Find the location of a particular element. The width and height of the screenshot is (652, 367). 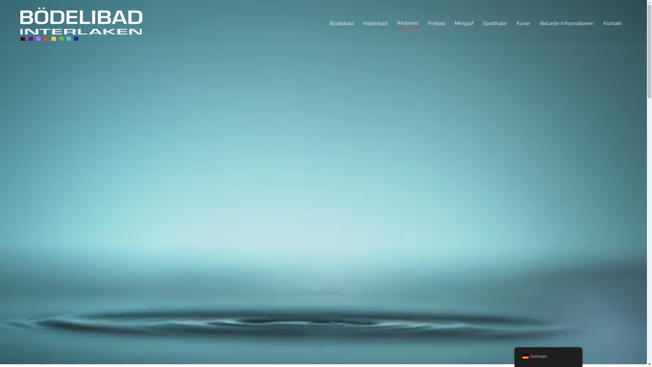

'Freibad' is located at coordinates (436, 23).